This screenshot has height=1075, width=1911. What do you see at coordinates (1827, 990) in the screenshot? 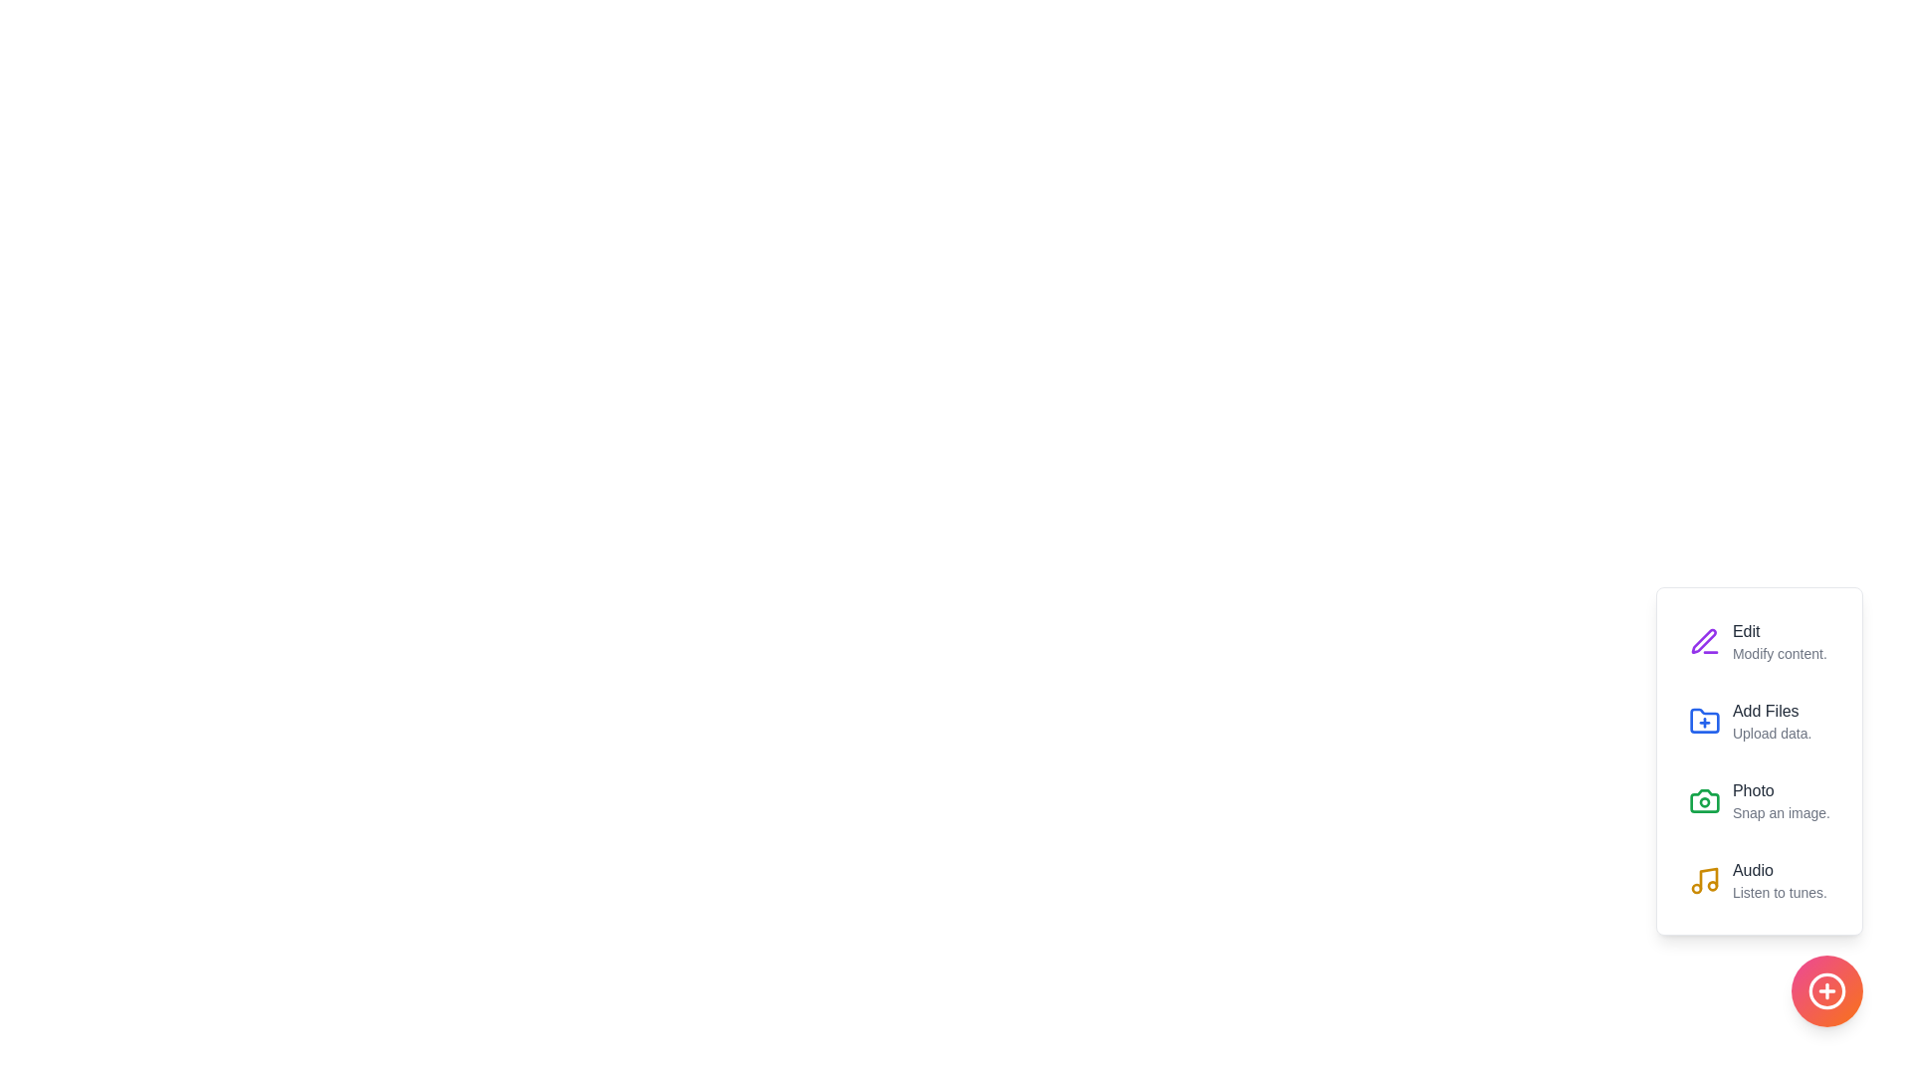
I see `the circular button to toggle the visibility of the action menu` at bounding box center [1827, 990].